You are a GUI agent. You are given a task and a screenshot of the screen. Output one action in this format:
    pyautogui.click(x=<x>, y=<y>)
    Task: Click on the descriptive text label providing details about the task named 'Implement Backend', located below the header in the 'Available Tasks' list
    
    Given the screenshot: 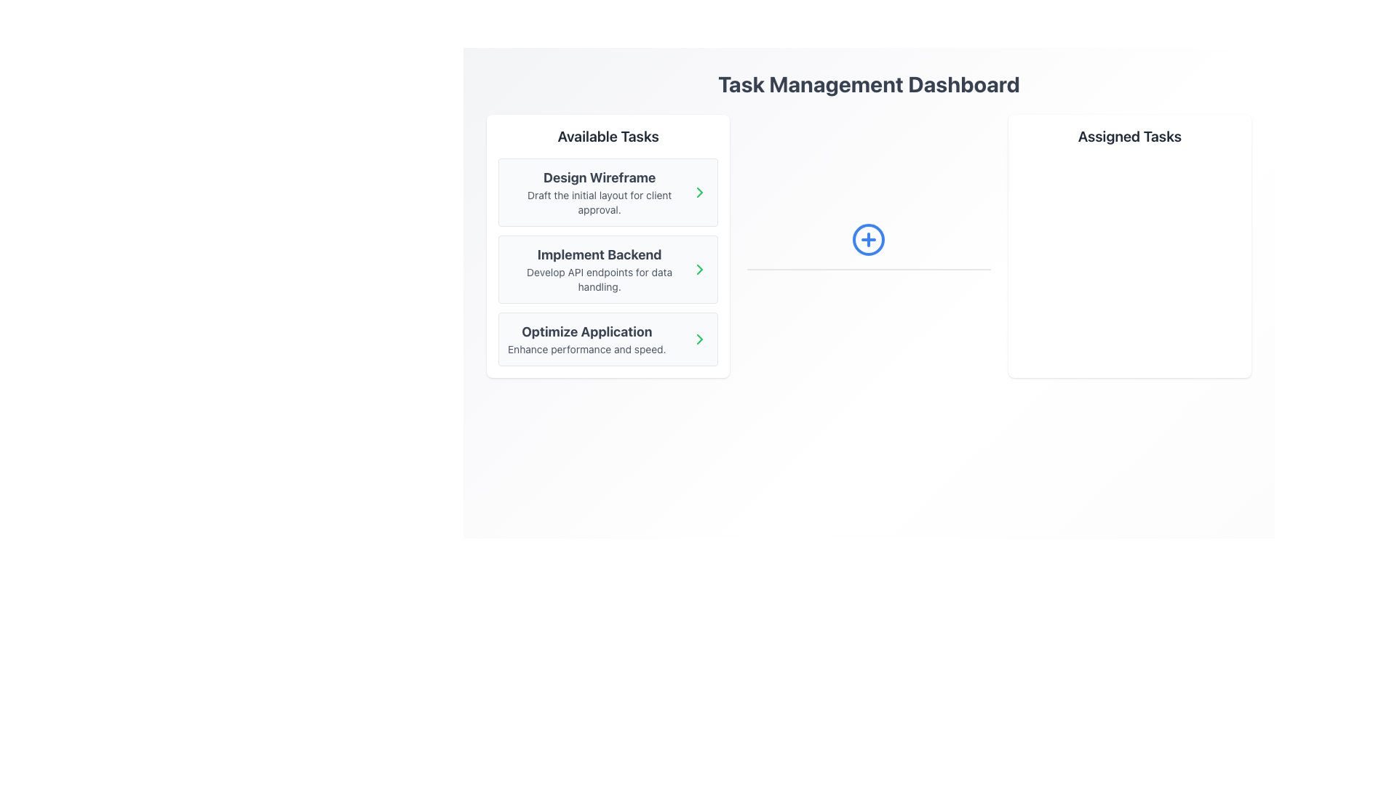 What is the action you would take?
    pyautogui.click(x=600, y=280)
    